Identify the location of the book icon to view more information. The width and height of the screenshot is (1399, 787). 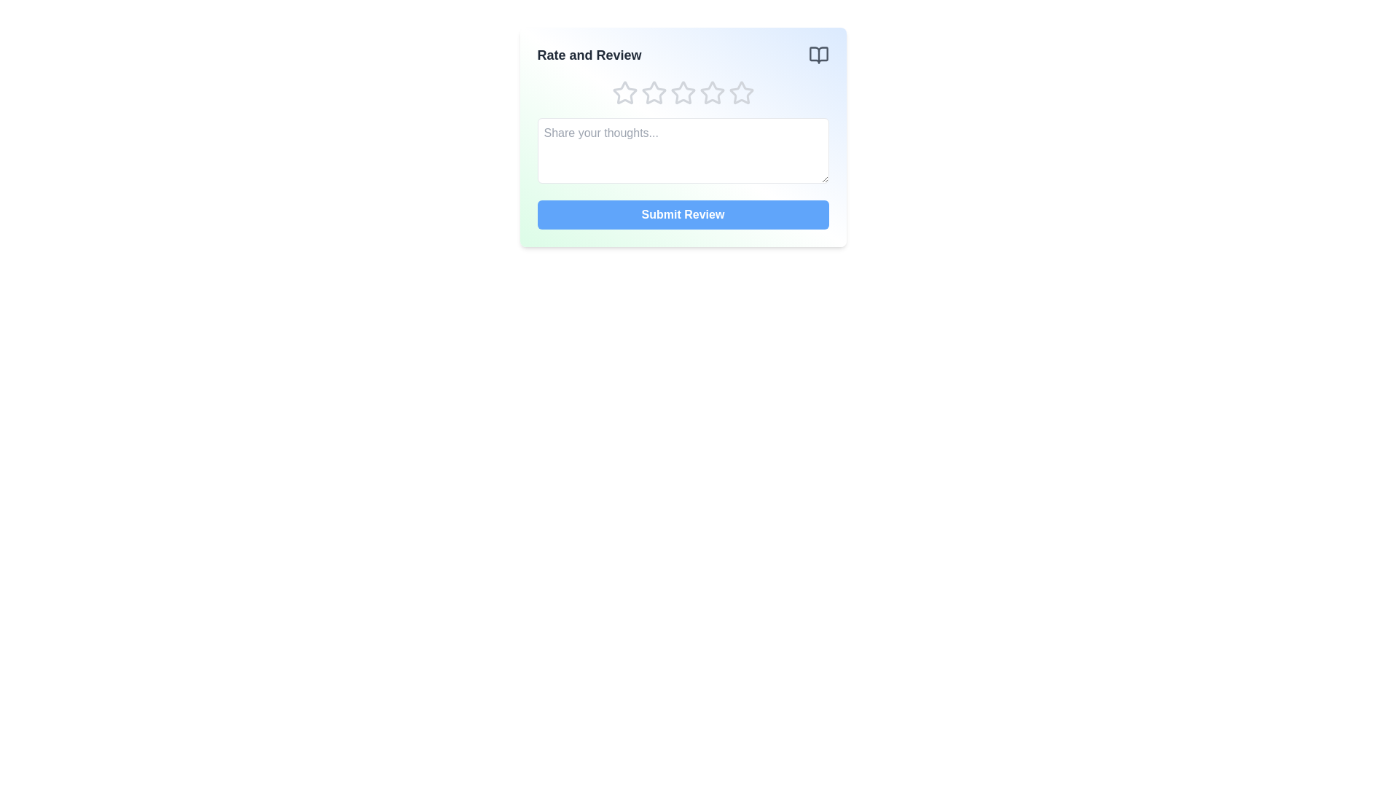
(818, 55).